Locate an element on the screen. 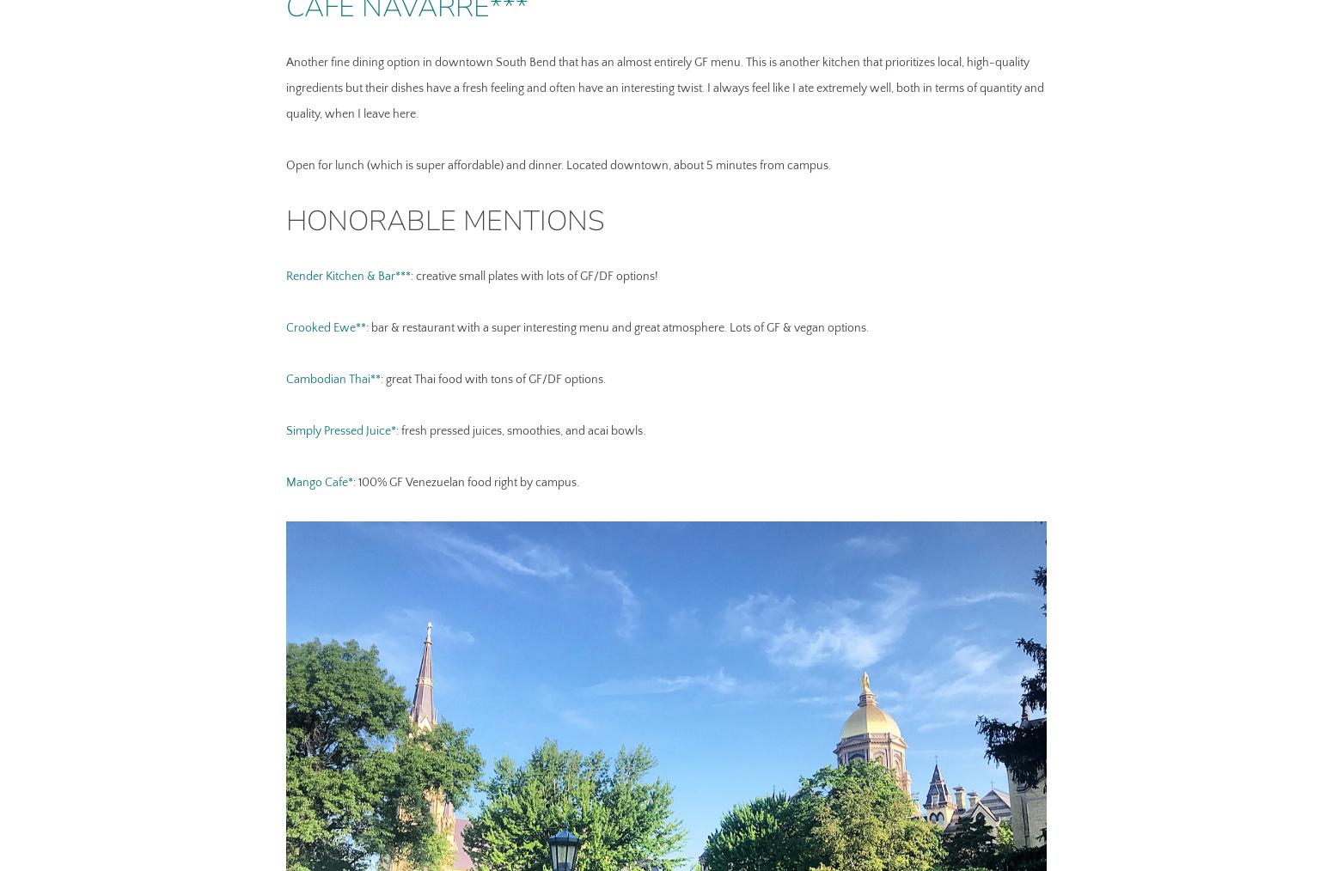 The width and height of the screenshot is (1332, 871). ': great Thai food with tons of GF/DF options.' is located at coordinates (492, 378).